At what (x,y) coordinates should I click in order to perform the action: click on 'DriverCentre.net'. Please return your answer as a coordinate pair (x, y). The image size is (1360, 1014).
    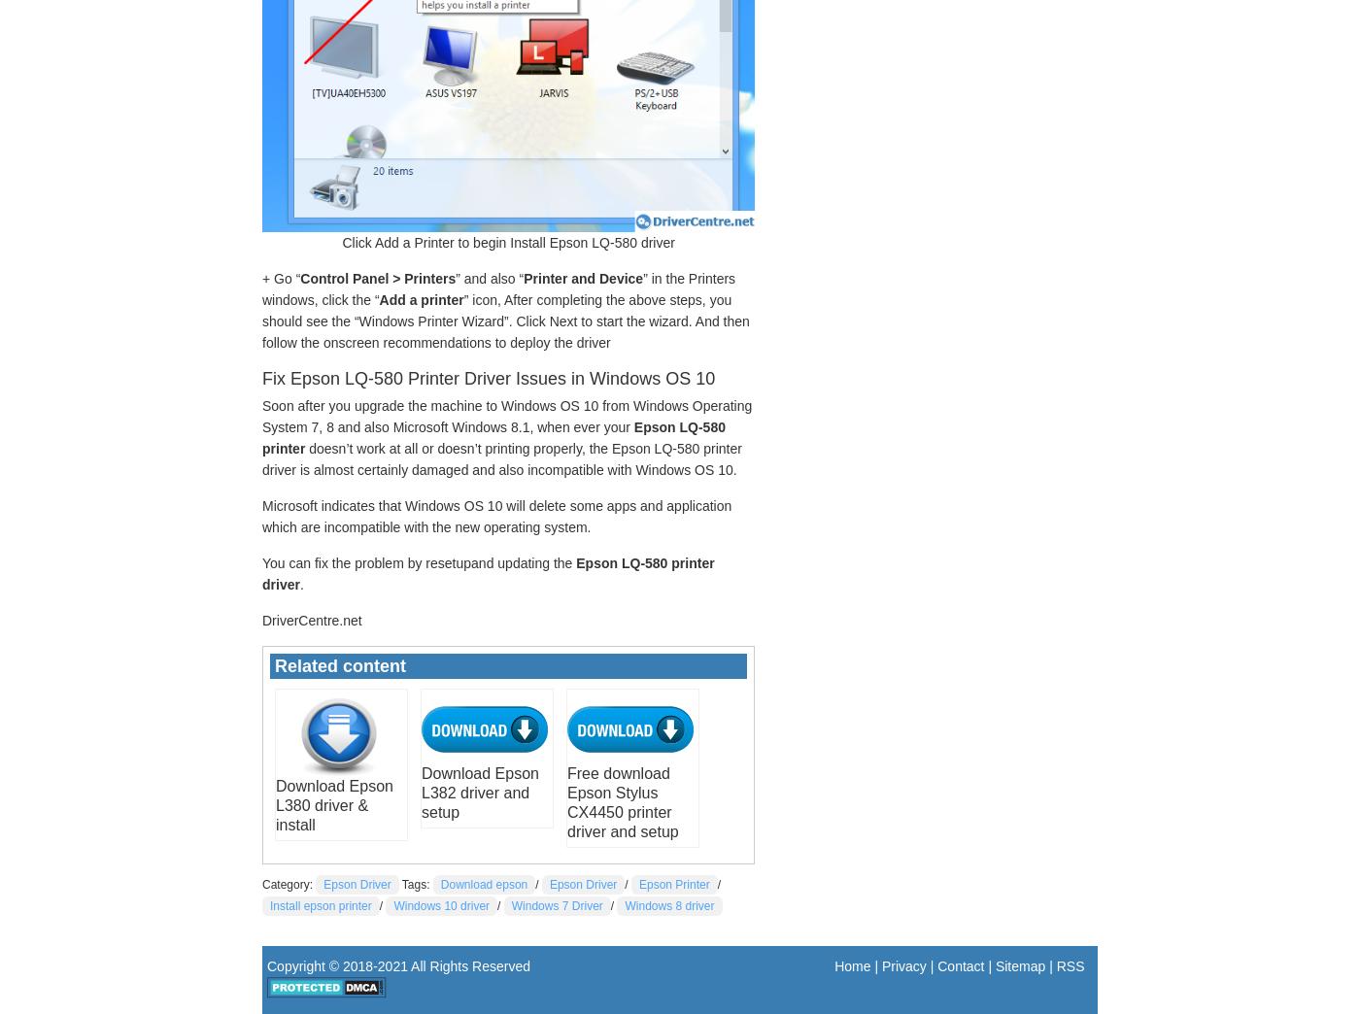
    Looking at the image, I should click on (312, 619).